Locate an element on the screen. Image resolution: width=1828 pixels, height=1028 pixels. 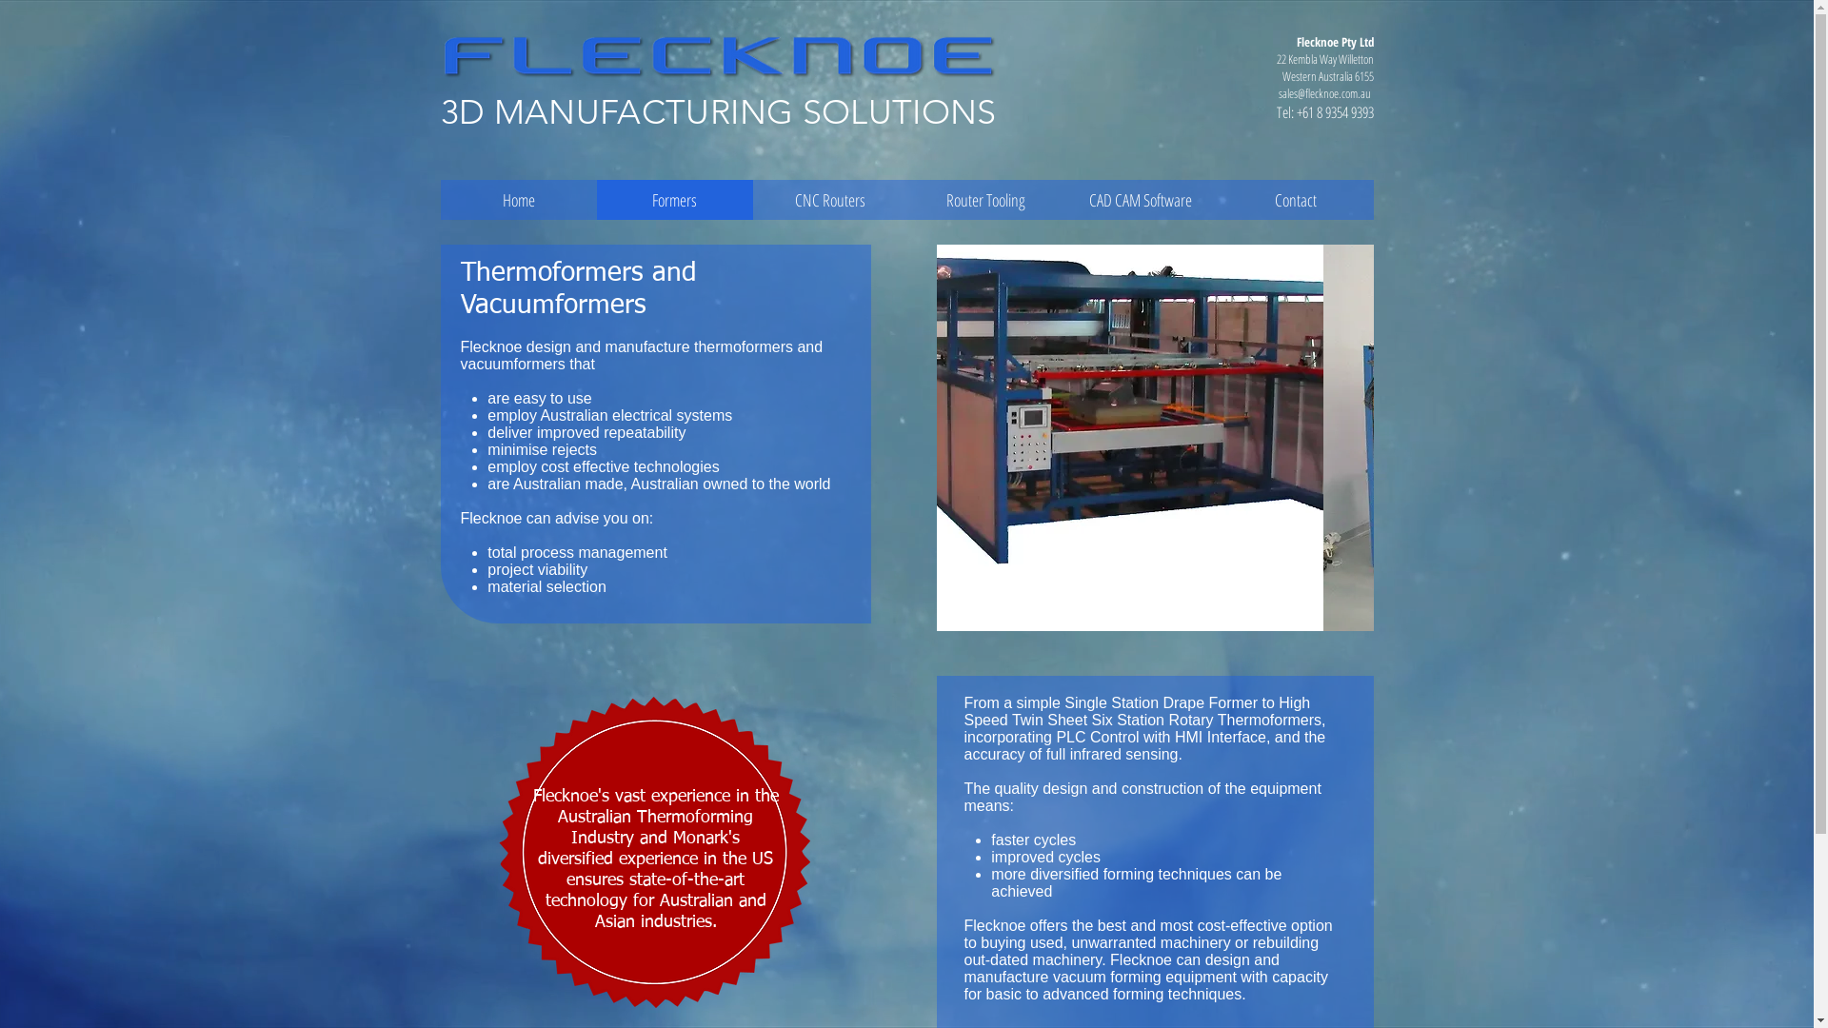
'Router Tooling' is located at coordinates (985, 199).